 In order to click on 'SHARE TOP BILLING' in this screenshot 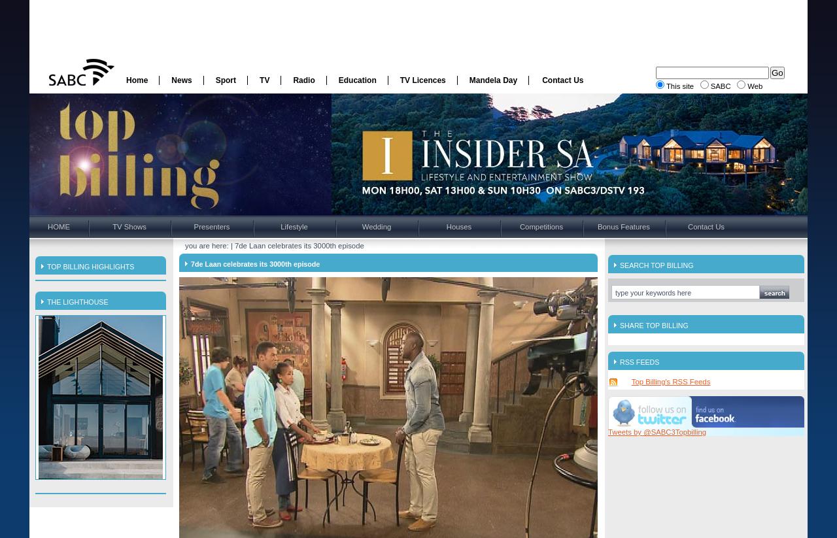, I will do `click(619, 325)`.